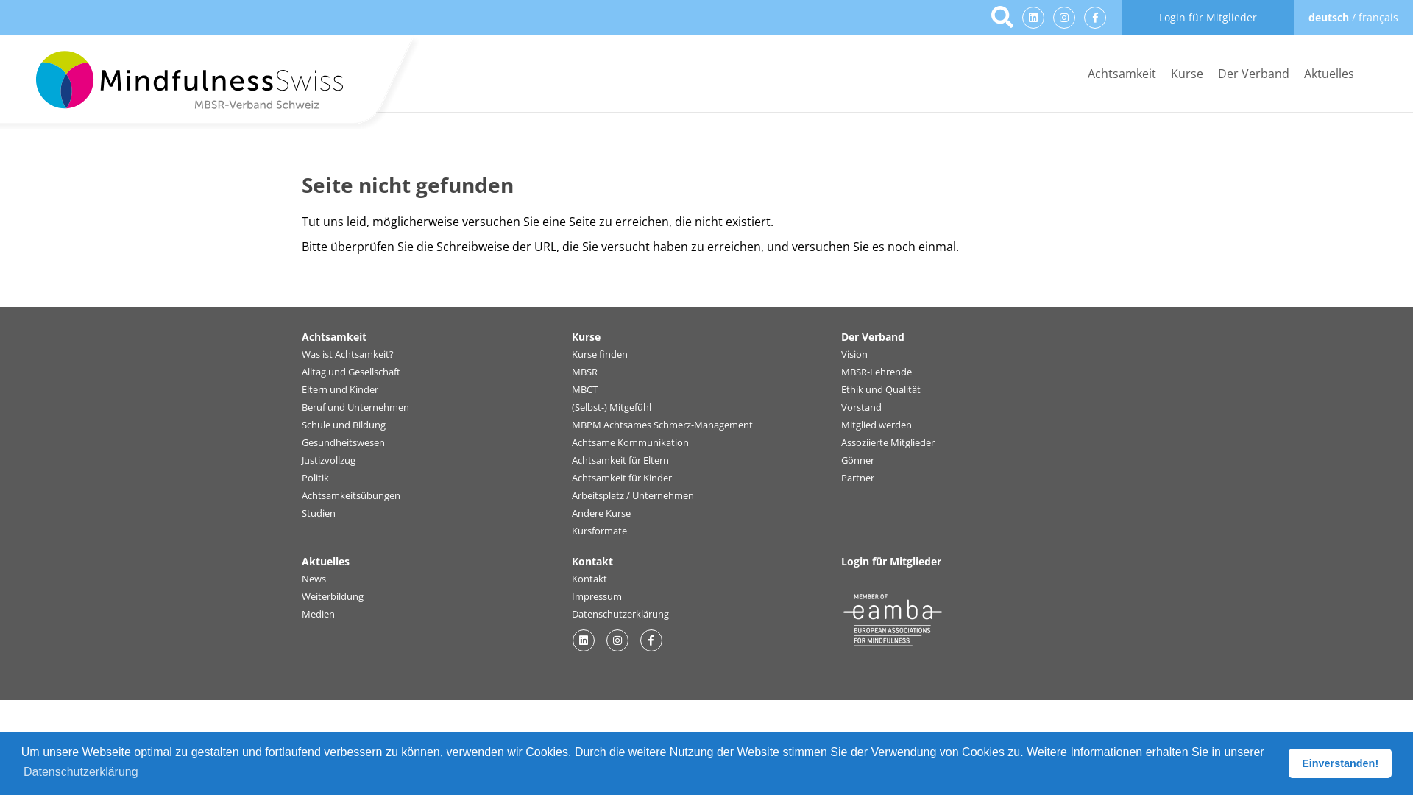 The image size is (1413, 795). What do you see at coordinates (317, 614) in the screenshot?
I see `'Medien'` at bounding box center [317, 614].